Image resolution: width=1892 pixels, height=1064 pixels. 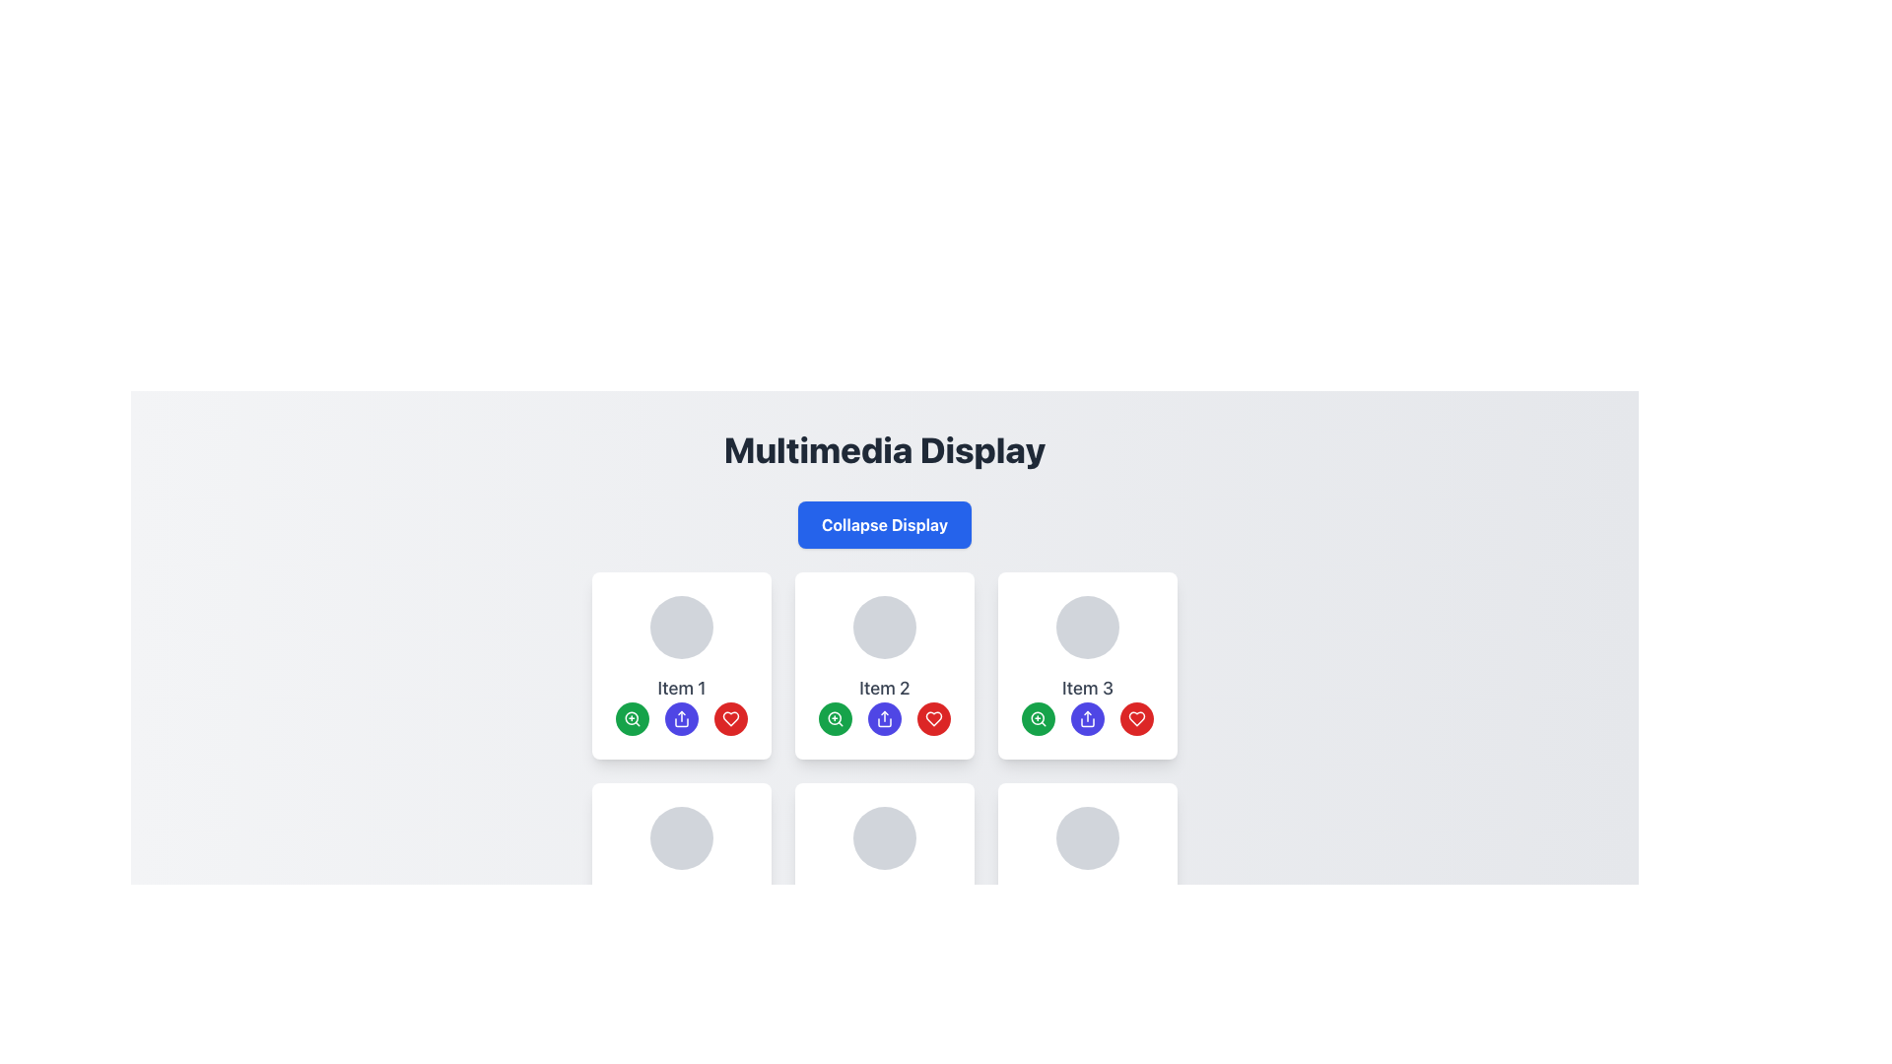 I want to click on the circular green button with a white magnifying glass icon located underneath the text label 'Item 2', so click(x=836, y=718).